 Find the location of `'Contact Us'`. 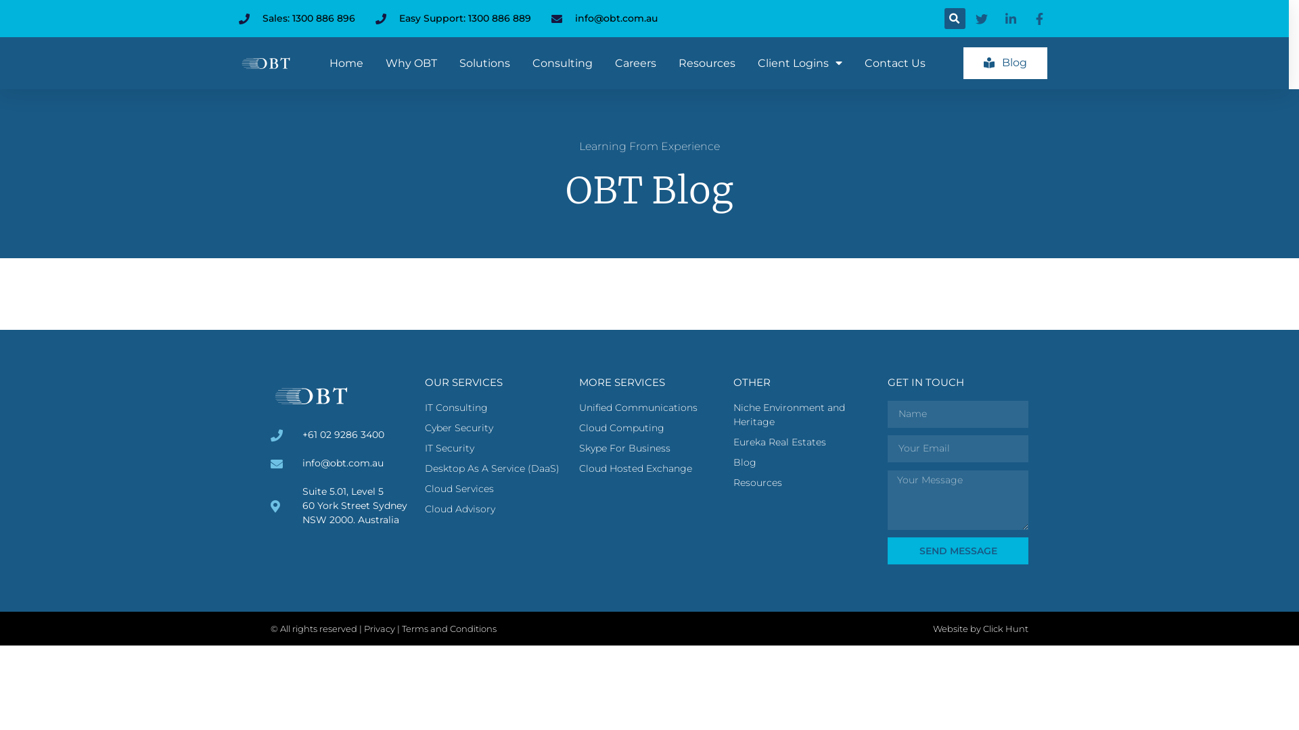

'Contact Us' is located at coordinates (895, 62).